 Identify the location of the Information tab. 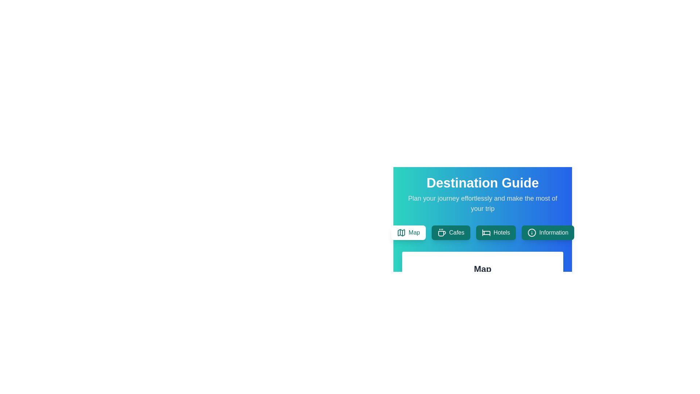
(548, 232).